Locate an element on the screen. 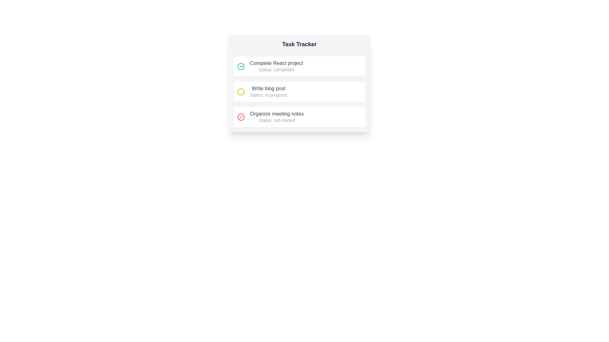 The height and width of the screenshot is (342, 609). the circular indicator with a yellow outline located to the left of the text 'Write blog post' in the task tracker UI is located at coordinates (240, 92).